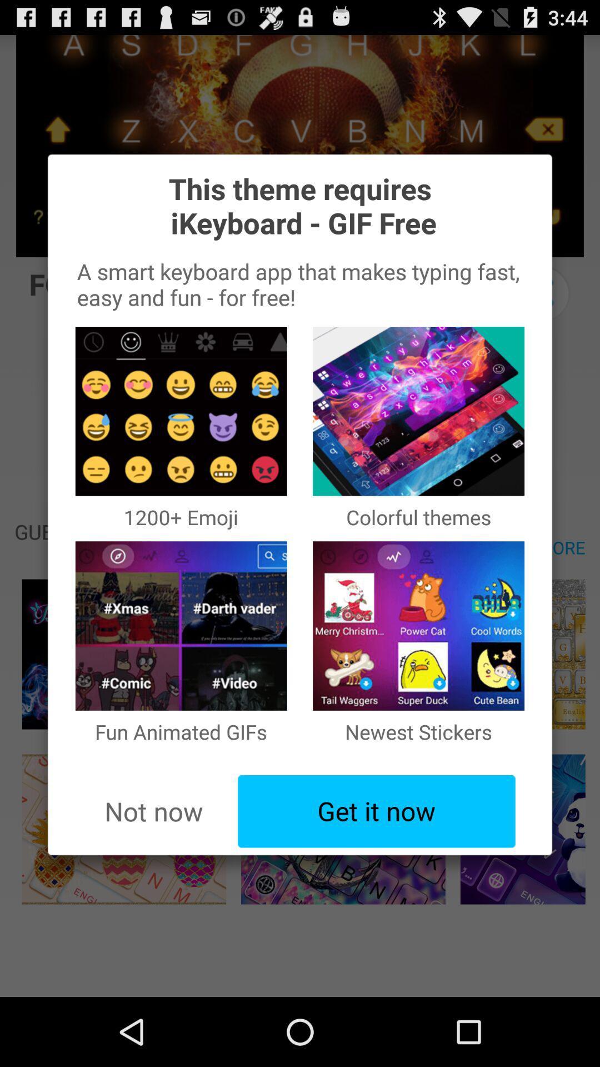  What do you see at coordinates (153, 811) in the screenshot?
I see `the icon below fun animated gifs item` at bounding box center [153, 811].